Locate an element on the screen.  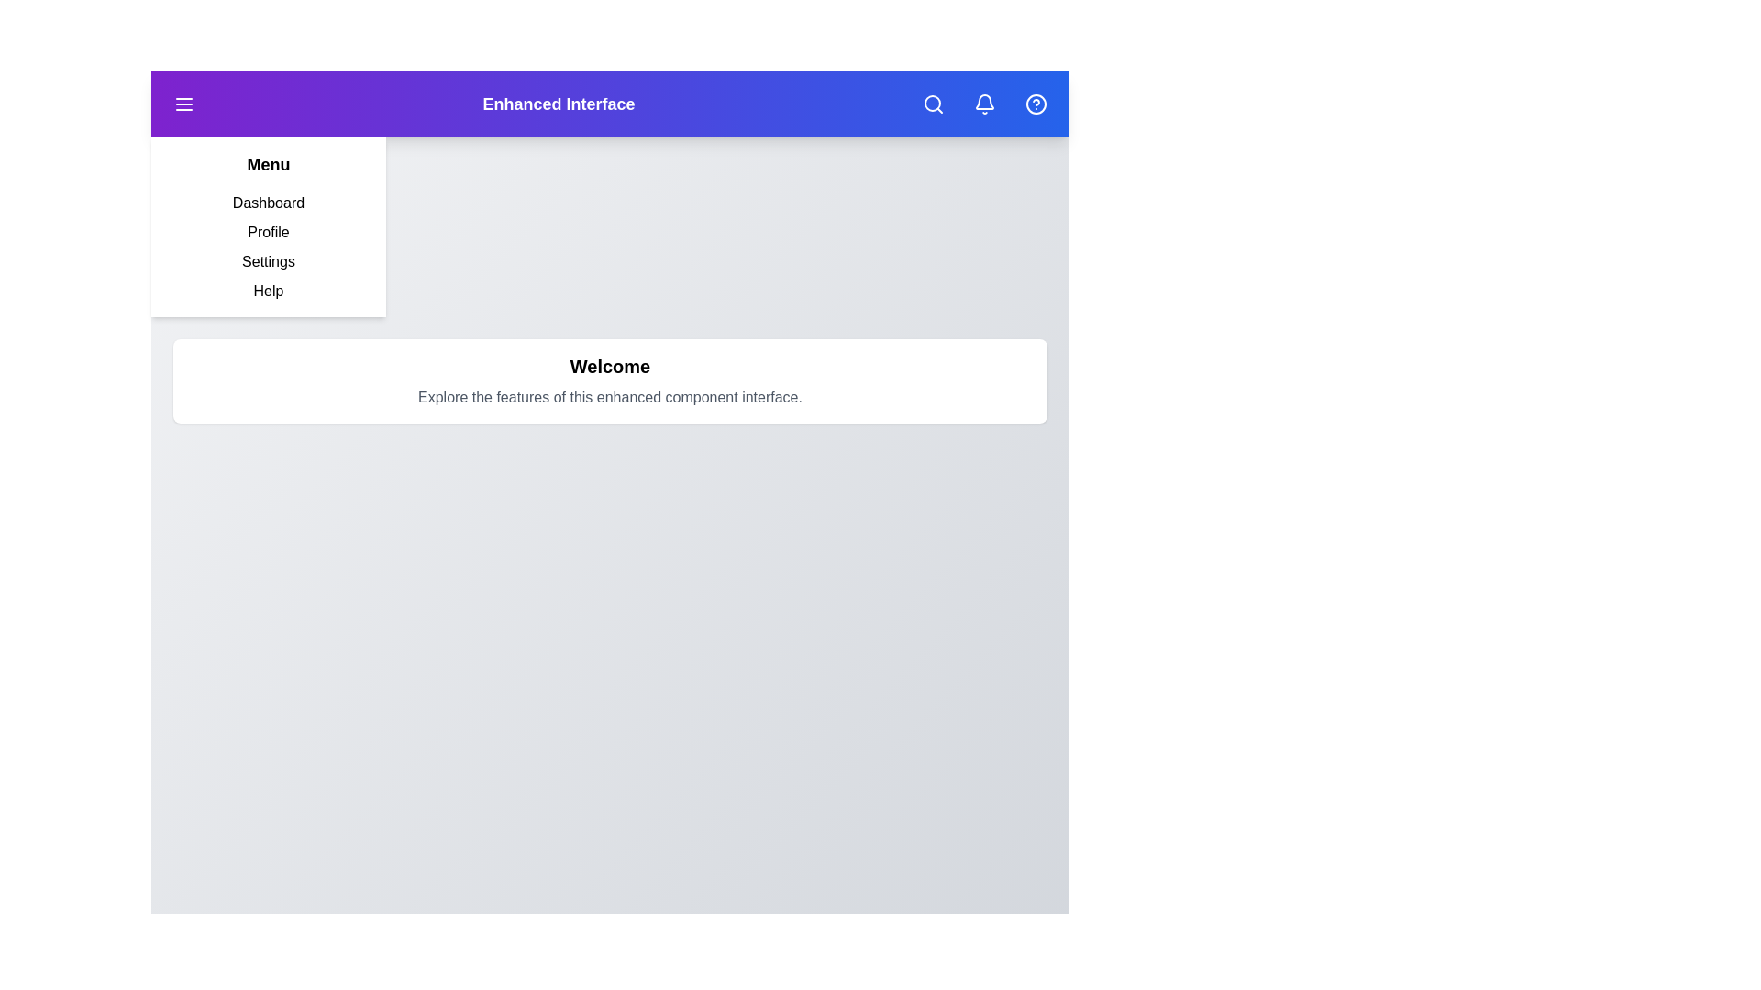
the 'Welcome' text is located at coordinates (610, 367).